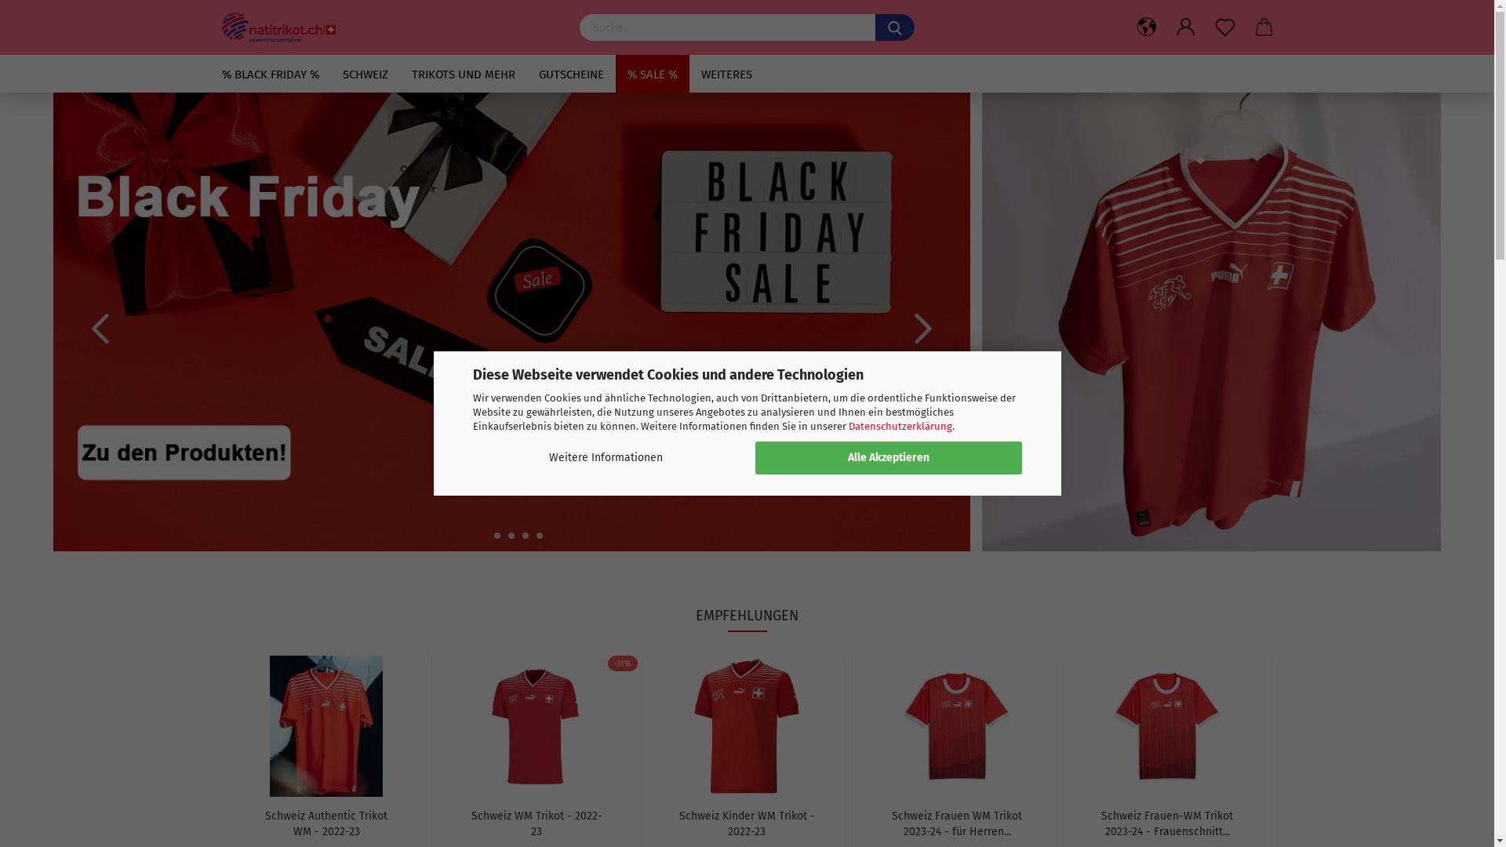 This screenshot has height=847, width=1506. Describe the element at coordinates (466, 821) in the screenshot. I see `'Schweiz WM Trikot - 2022-23'` at that location.